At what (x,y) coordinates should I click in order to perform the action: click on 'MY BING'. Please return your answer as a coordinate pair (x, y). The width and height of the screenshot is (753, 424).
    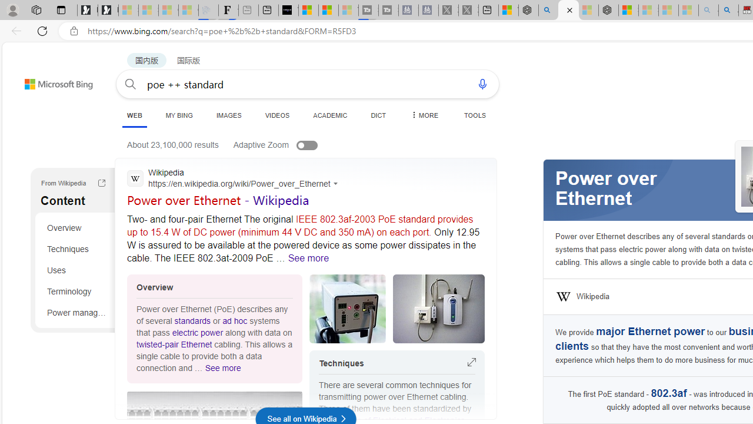
    Looking at the image, I should click on (178, 115).